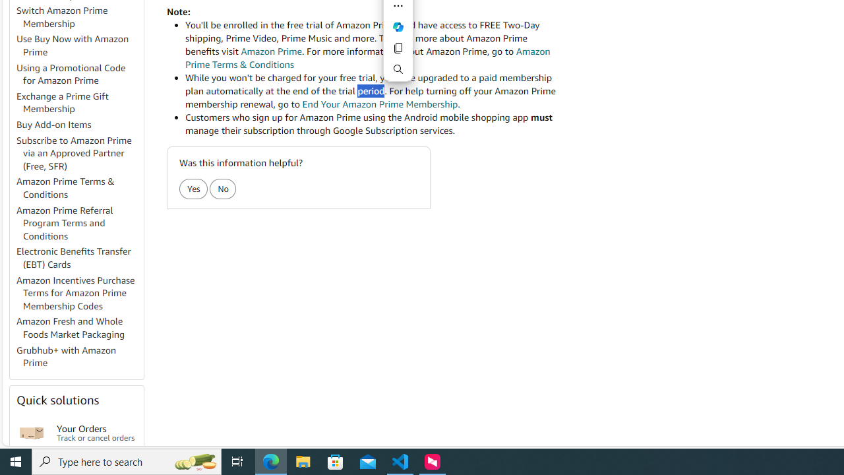 The width and height of the screenshot is (844, 475). Describe the element at coordinates (62, 102) in the screenshot. I see `'Exchange a Prime Gift Membership'` at that location.